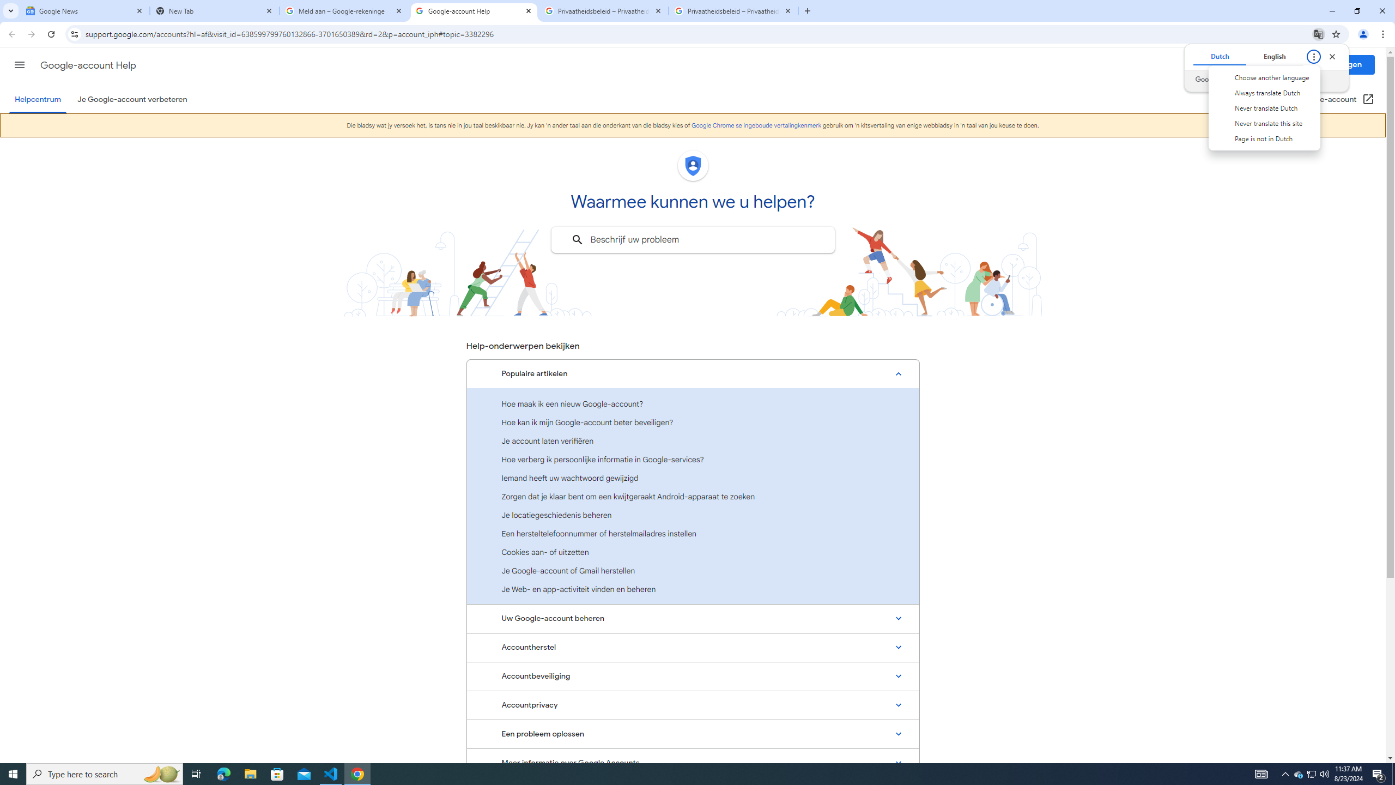 The height and width of the screenshot is (785, 1395). I want to click on 'Hoofdmenu', so click(19, 64).